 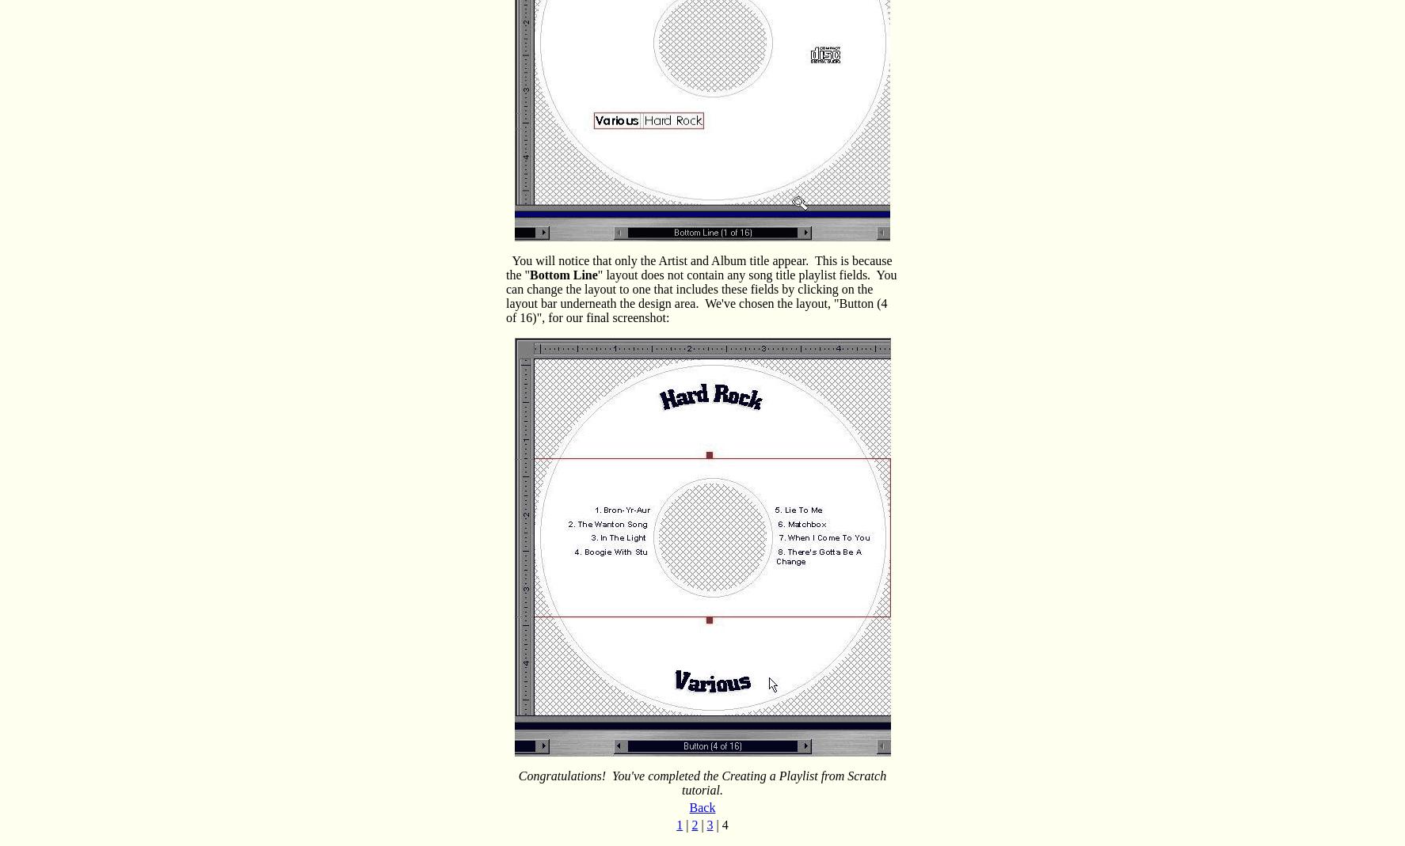 What do you see at coordinates (702, 783) in the screenshot?
I see `'Congratulations!  You've completed the Creating a Playlist 
         from Scratch tutorial.'` at bounding box center [702, 783].